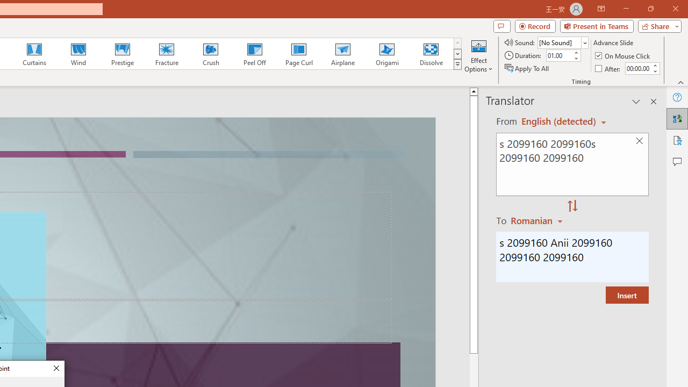 Image resolution: width=688 pixels, height=387 pixels. Describe the element at coordinates (572, 206) in the screenshot. I see `'Swap "from" and "to" languages.'` at that location.